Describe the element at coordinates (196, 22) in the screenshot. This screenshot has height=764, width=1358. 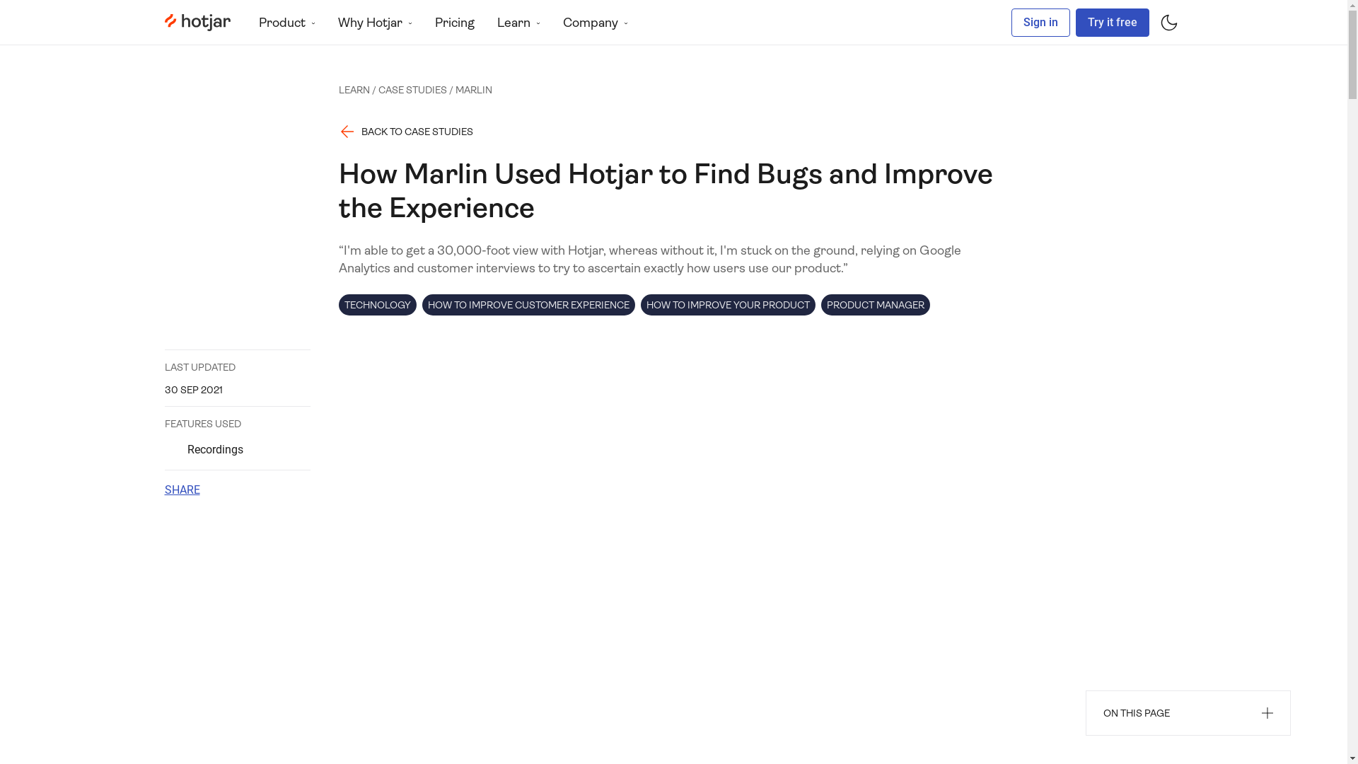
I see `'Hotjar Logo'` at that location.